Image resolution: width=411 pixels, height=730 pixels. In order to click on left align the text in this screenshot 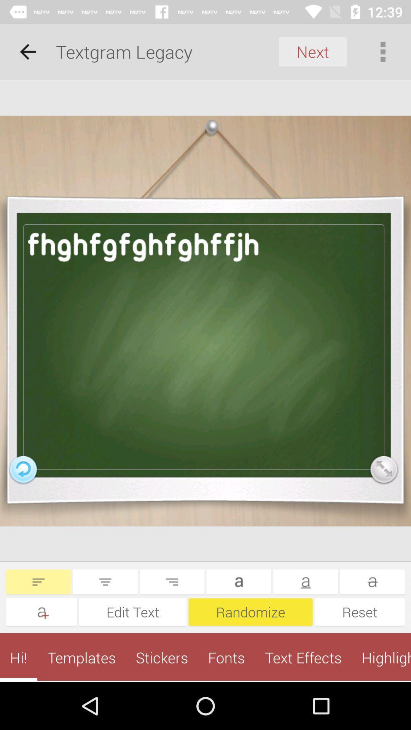, I will do `click(38, 581)`.